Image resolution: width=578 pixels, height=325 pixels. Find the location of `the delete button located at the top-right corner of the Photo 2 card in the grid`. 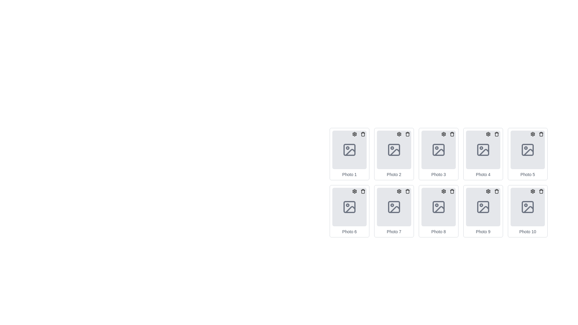

the delete button located at the top-right corner of the Photo 2 card in the grid is located at coordinates (407, 134).